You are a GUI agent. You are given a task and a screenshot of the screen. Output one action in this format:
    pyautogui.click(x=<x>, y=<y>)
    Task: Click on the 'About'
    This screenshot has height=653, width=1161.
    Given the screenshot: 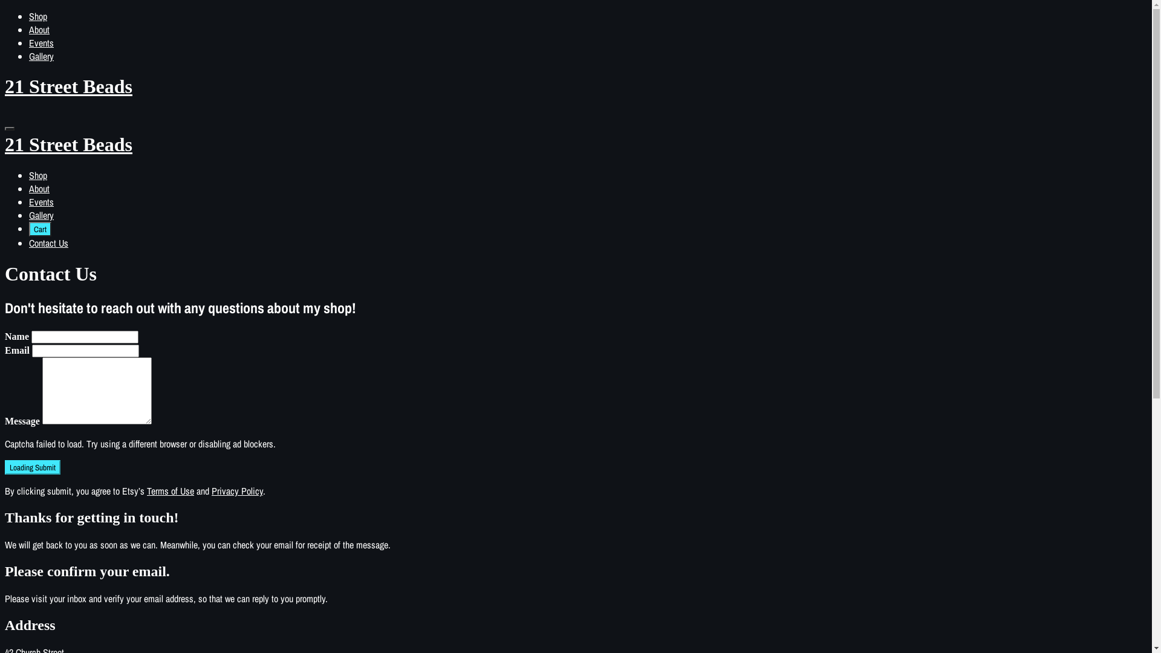 What is the action you would take?
    pyautogui.click(x=29, y=29)
    